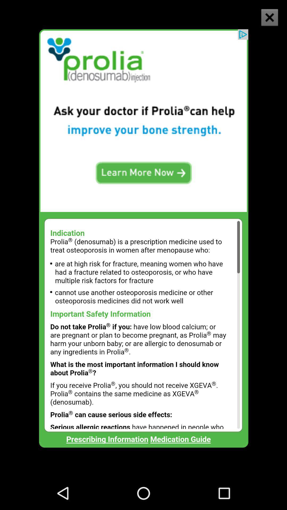 The width and height of the screenshot is (287, 510). What do you see at coordinates (266, 22) in the screenshot?
I see `the close icon` at bounding box center [266, 22].